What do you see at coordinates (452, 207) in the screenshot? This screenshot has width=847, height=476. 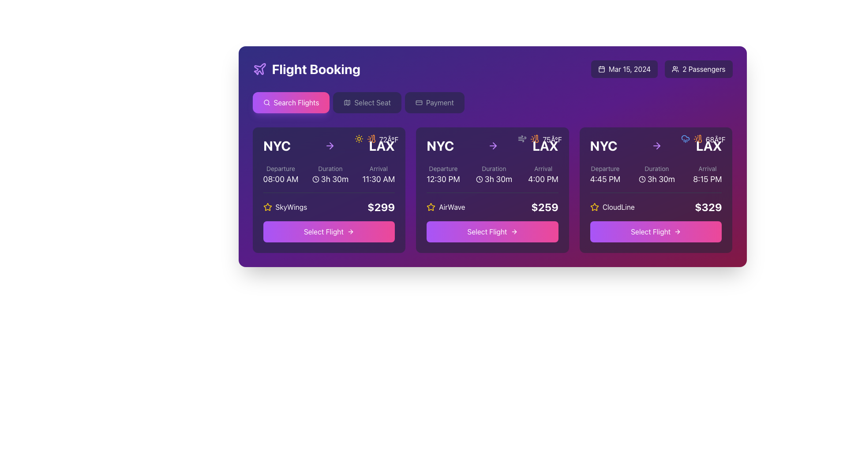 I see `the text element that identifies and labels the airline or service provider, located in the middle card beneath 'NYC to LAX' and above the price '$259', to the right of a yellow star icon` at bounding box center [452, 207].